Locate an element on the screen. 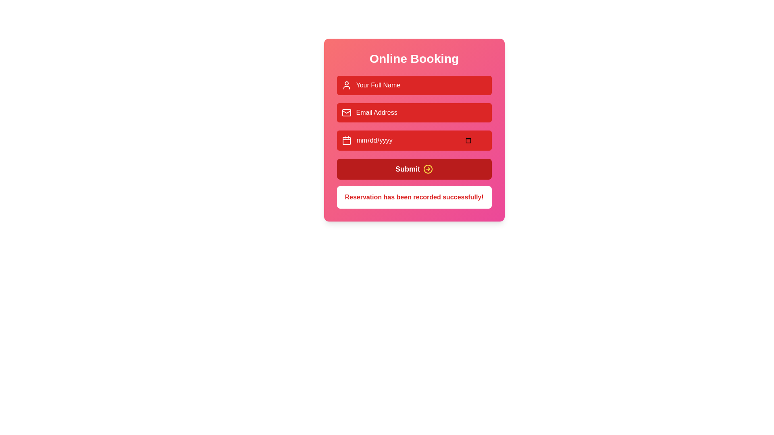  the circular part of the SVG graphic icon, which is centrally located within a right-pointing arrow icon at the bottom-right of the form section under the 'Submit' button is located at coordinates (427, 169).